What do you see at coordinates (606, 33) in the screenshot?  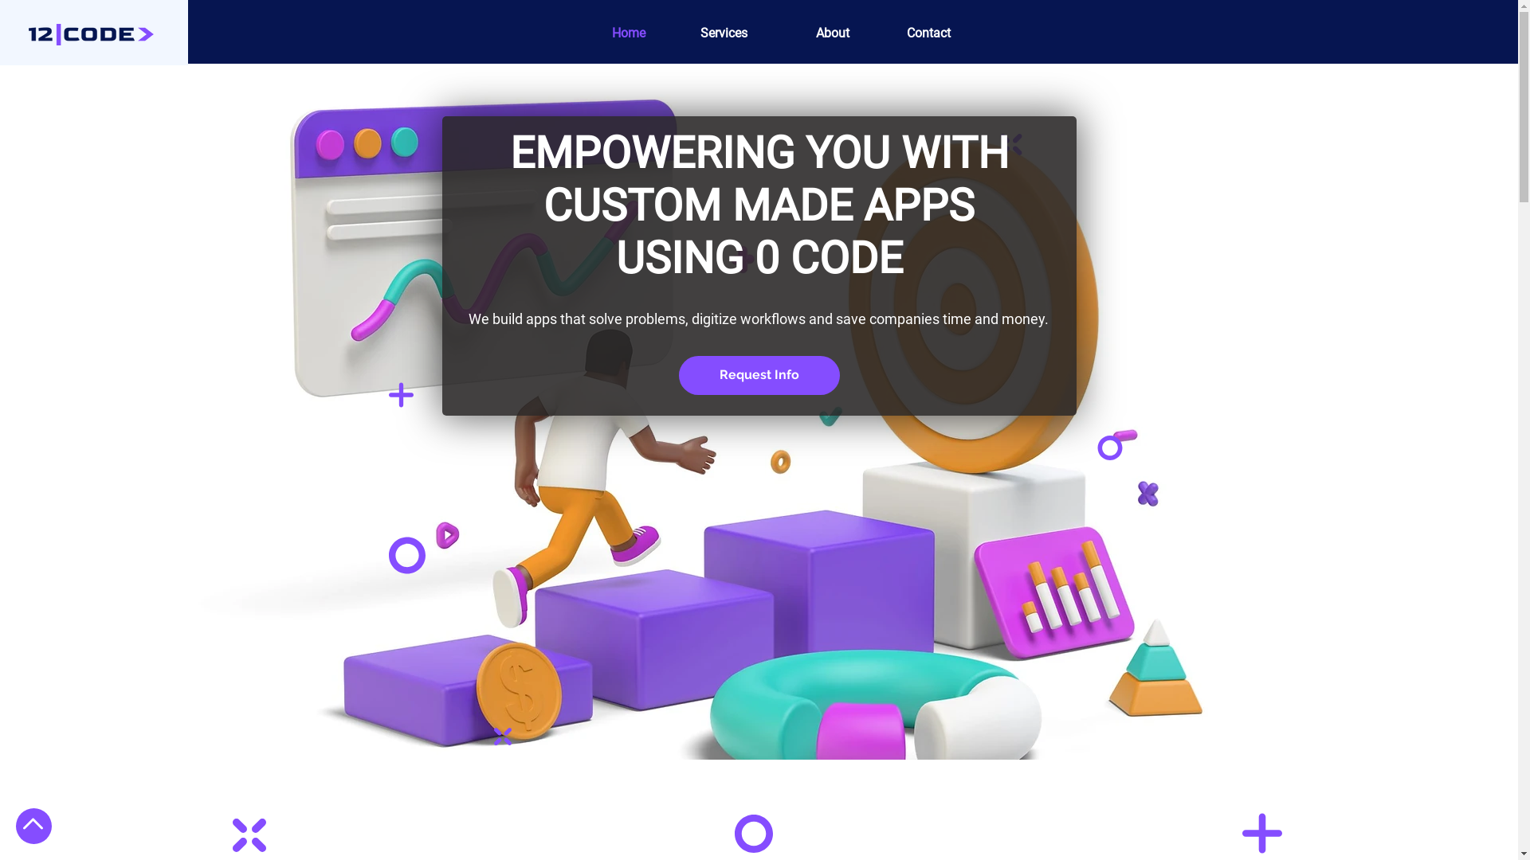 I see `'Home'` at bounding box center [606, 33].